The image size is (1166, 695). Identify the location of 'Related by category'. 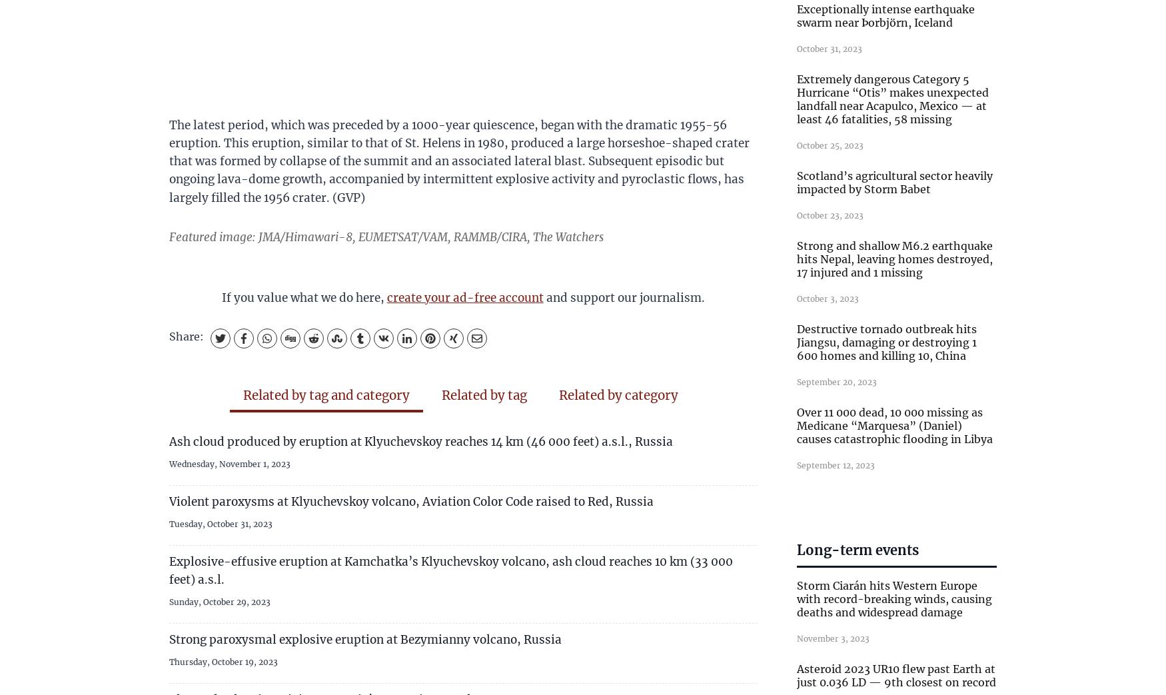
(617, 395).